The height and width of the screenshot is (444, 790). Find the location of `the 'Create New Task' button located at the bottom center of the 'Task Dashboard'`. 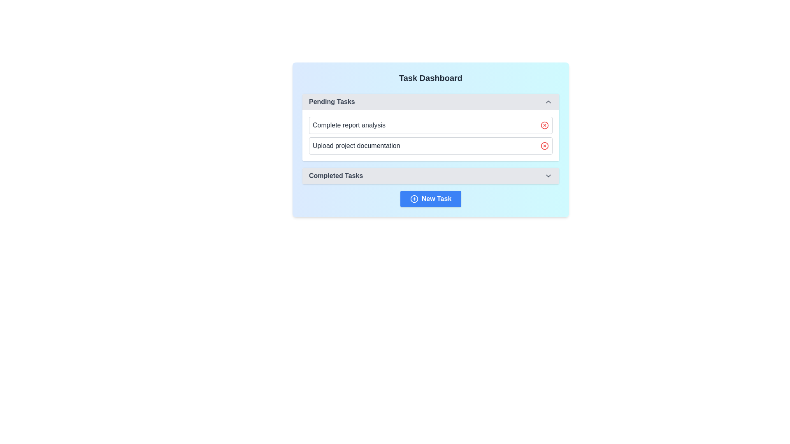

the 'Create New Task' button located at the bottom center of the 'Task Dashboard' is located at coordinates (430, 199).